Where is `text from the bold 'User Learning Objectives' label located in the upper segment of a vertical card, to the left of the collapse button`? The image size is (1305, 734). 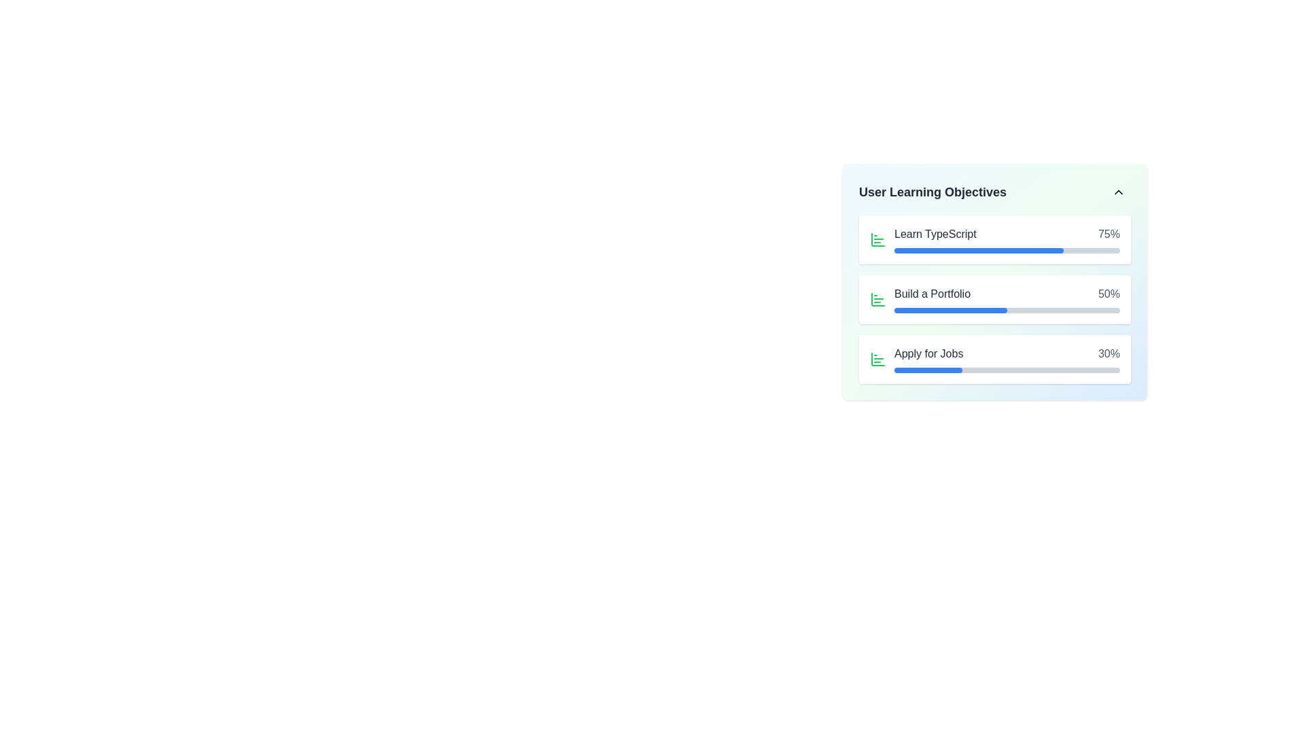 text from the bold 'User Learning Objectives' label located in the upper segment of a vertical card, to the left of the collapse button is located at coordinates (932, 192).